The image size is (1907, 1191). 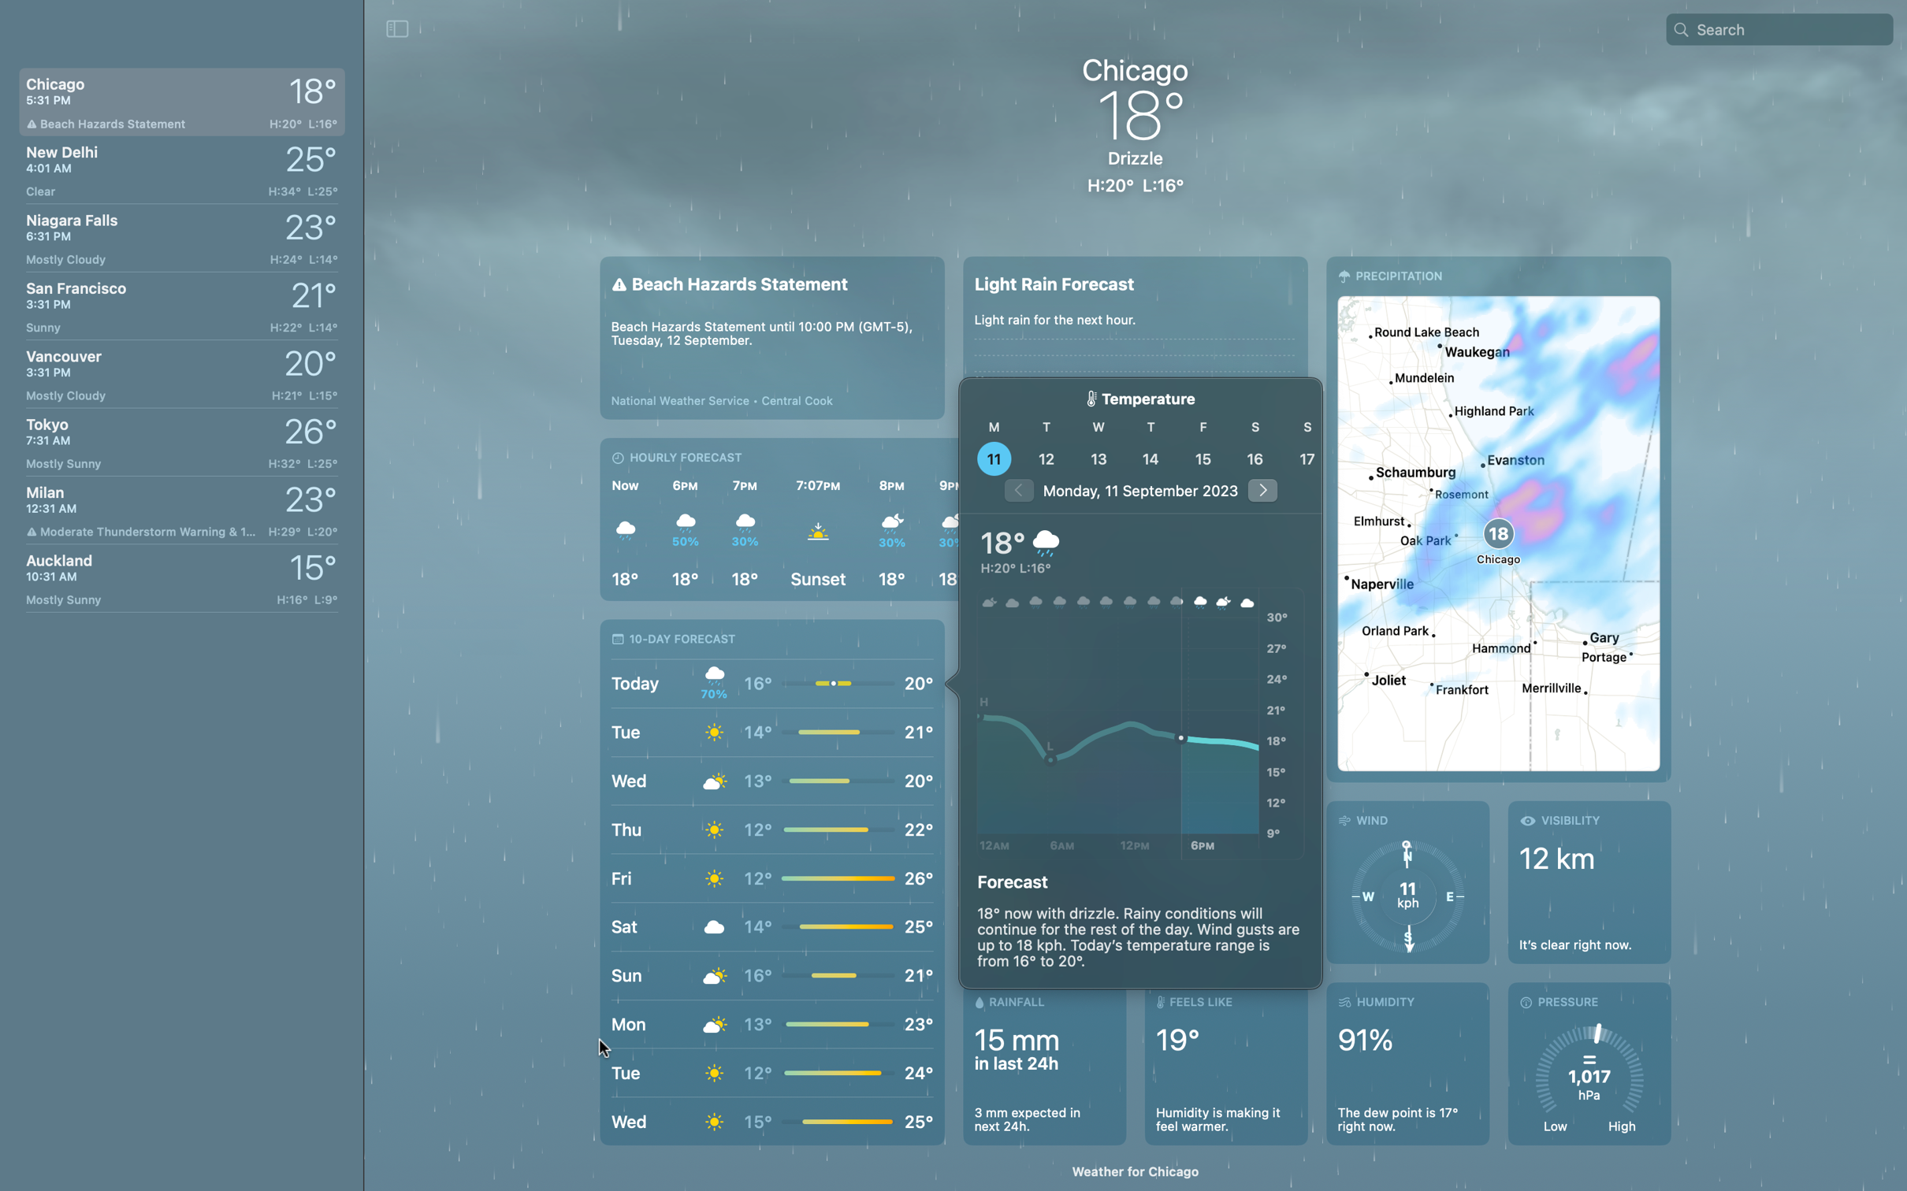 What do you see at coordinates (1202, 458) in the screenshot?
I see `Retrieve 15th"s Chicago weather report` at bounding box center [1202, 458].